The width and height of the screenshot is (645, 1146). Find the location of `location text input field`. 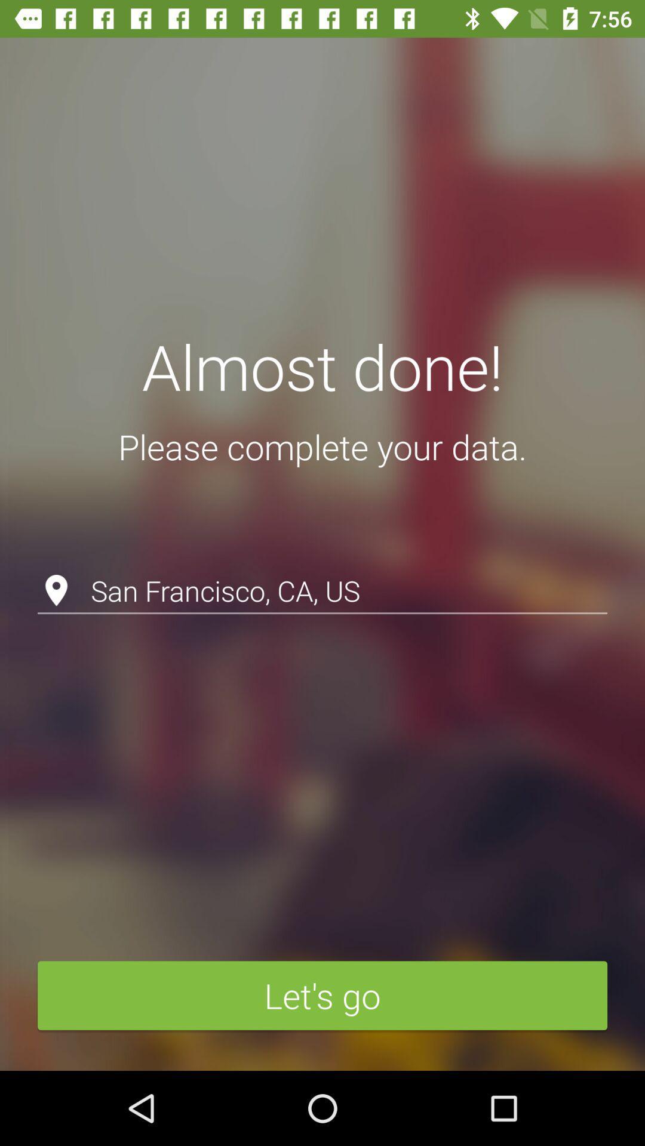

location text input field is located at coordinates (322, 559).